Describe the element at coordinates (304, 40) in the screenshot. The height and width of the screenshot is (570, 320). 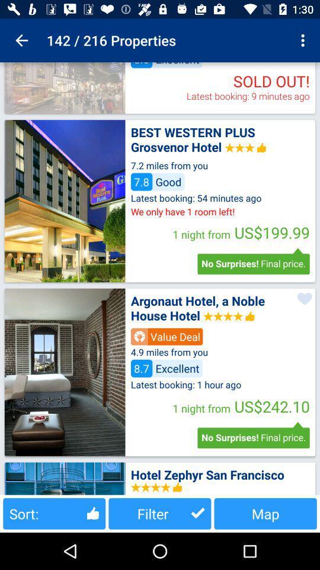
I see `the item to the right of excellent` at that location.